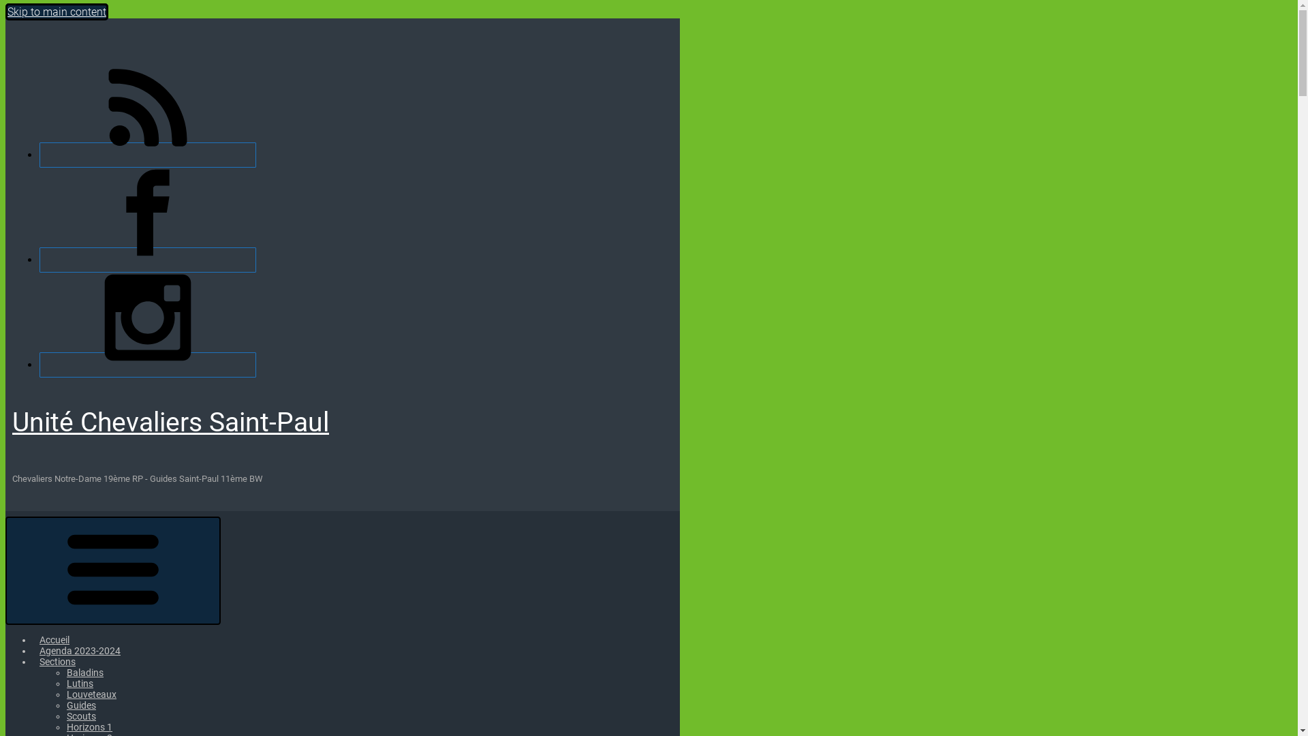 The width and height of the screenshot is (1308, 736). What do you see at coordinates (39, 260) in the screenshot?
I see `'Facebook'` at bounding box center [39, 260].